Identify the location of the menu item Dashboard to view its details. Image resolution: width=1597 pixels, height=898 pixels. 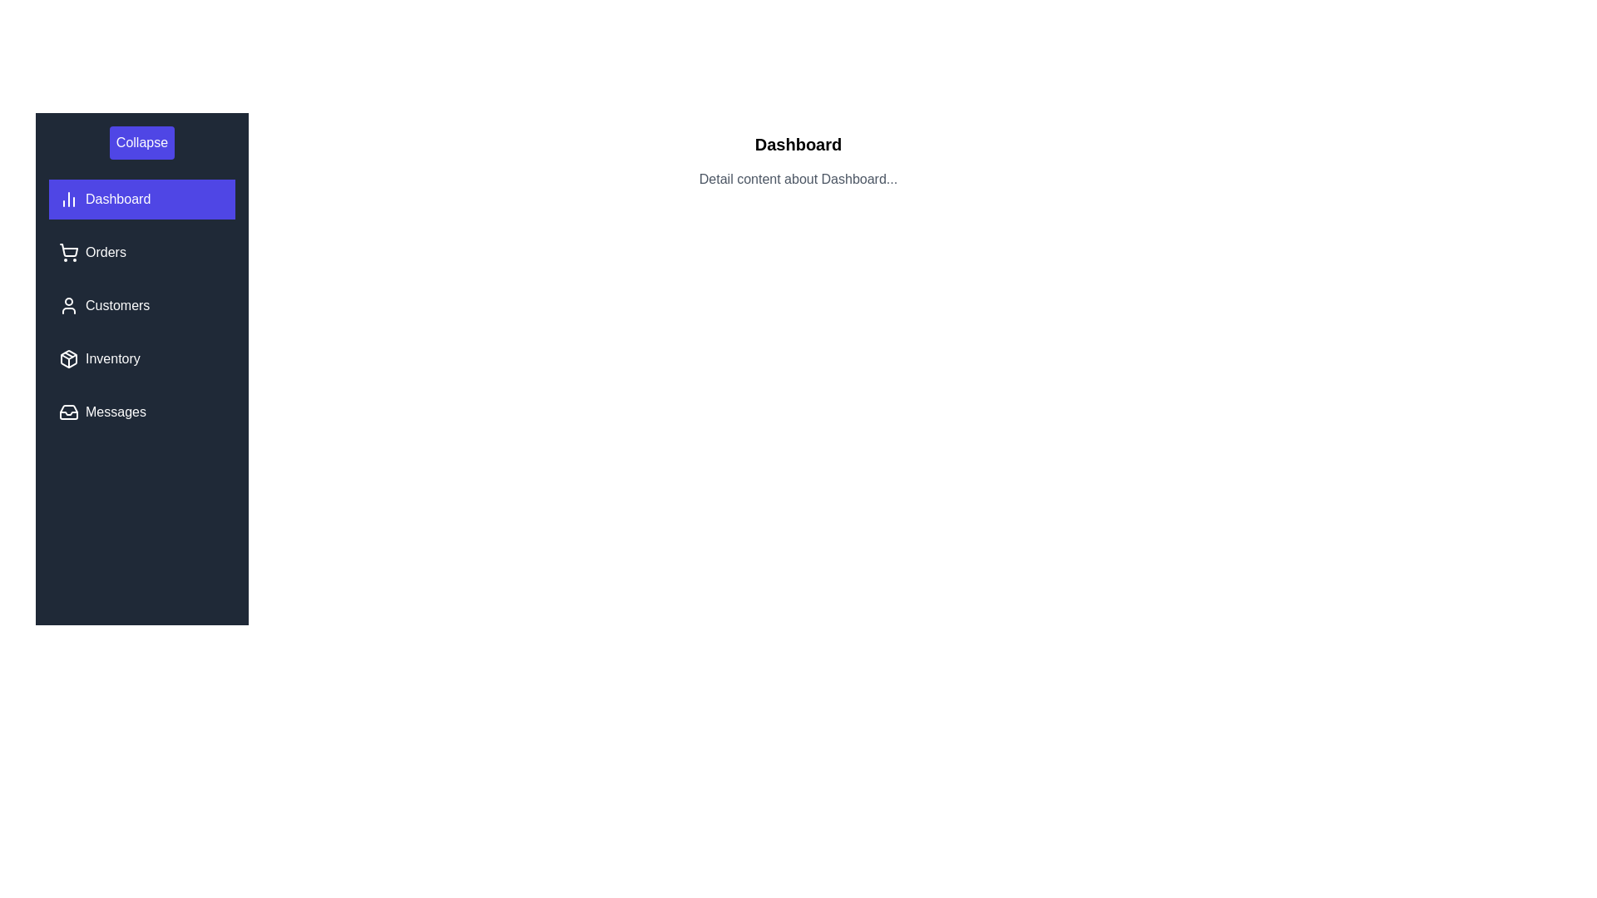
(142, 198).